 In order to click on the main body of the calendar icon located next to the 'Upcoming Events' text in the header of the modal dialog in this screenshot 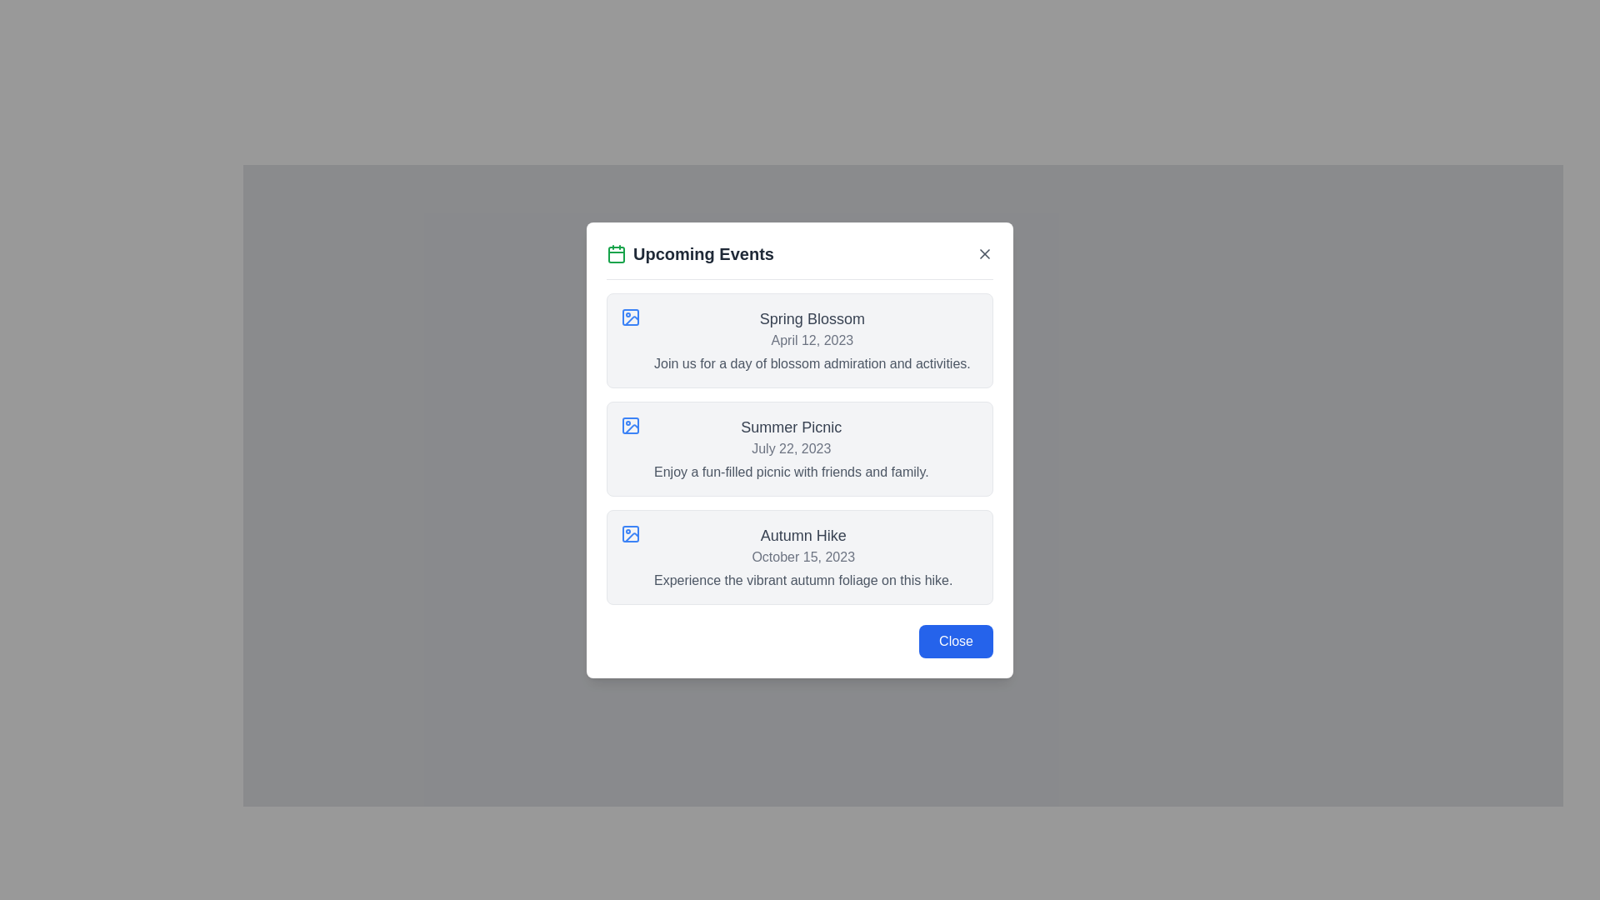, I will do `click(615, 253)`.